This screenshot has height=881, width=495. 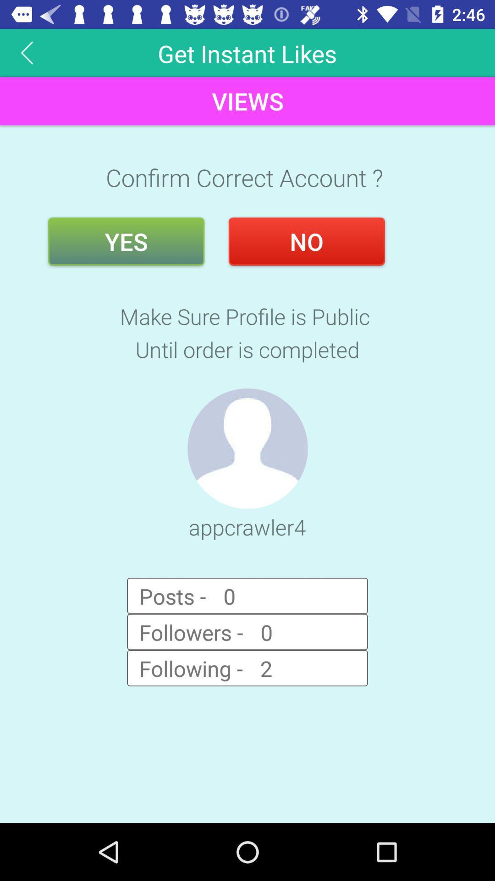 What do you see at coordinates (27, 52) in the screenshot?
I see `the app to the left of the get instant likes` at bounding box center [27, 52].